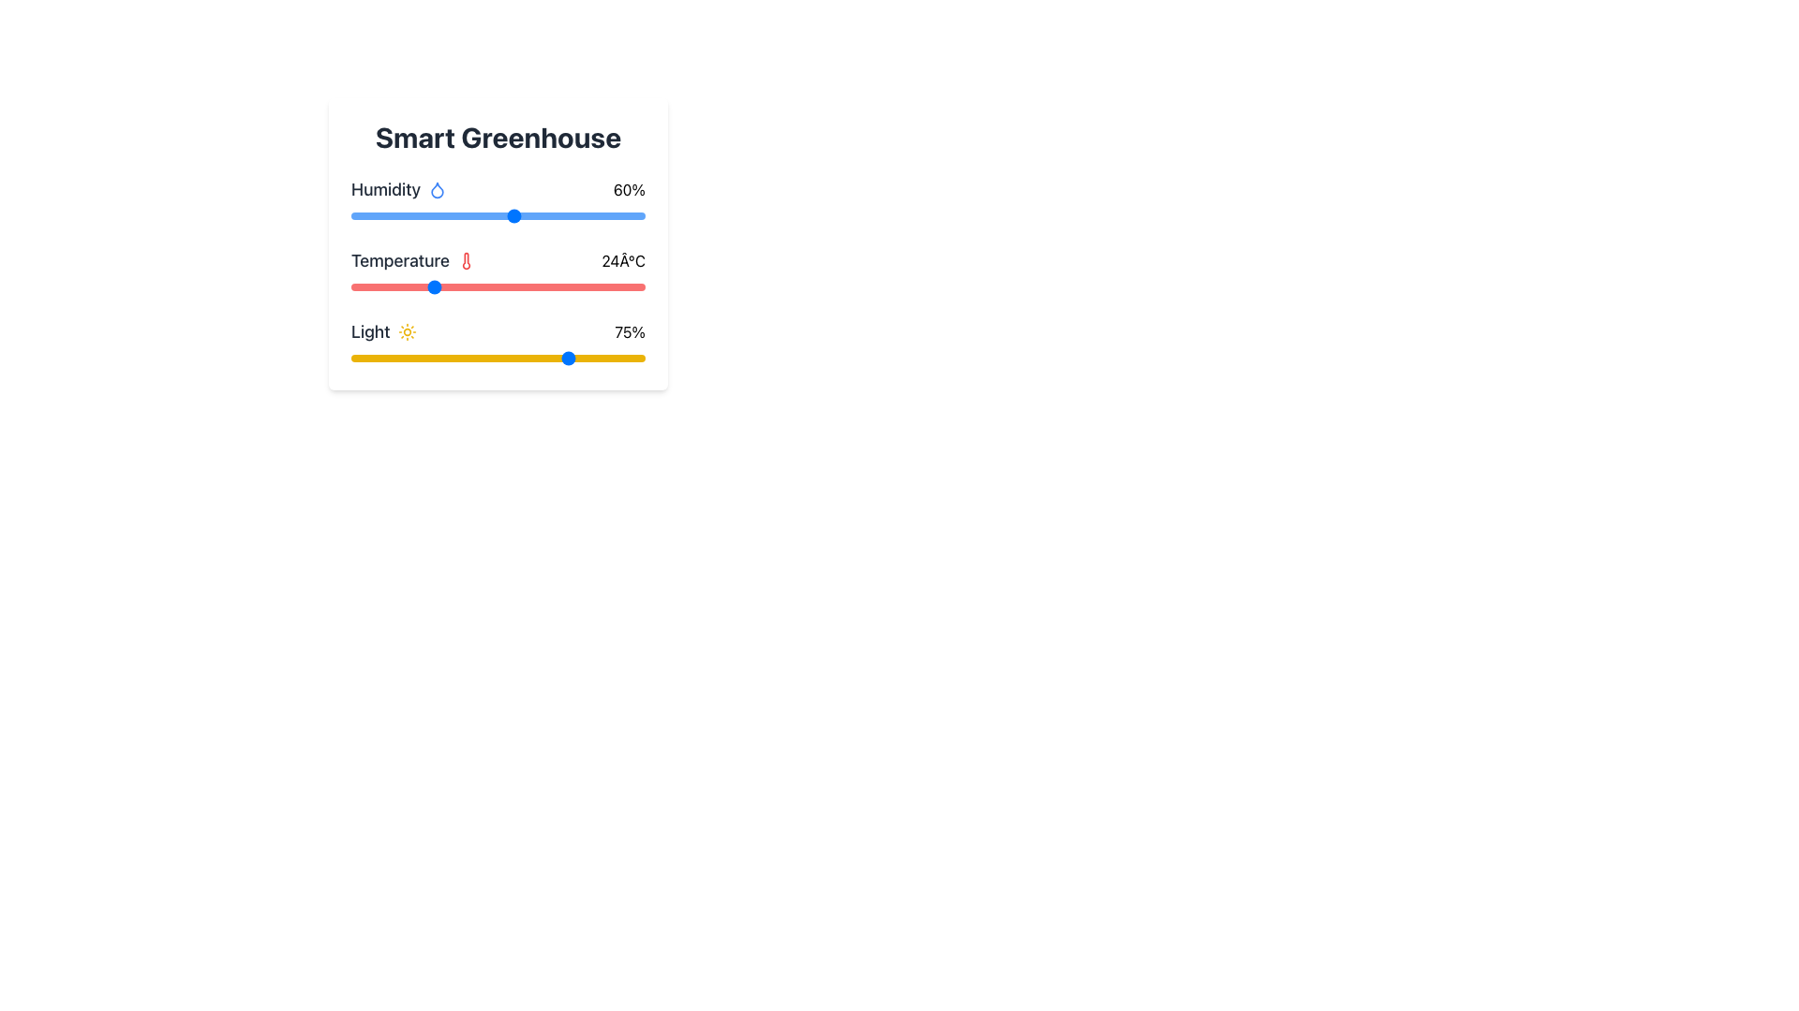  What do you see at coordinates (498, 136) in the screenshot?
I see `the title text element located at the top of the card with a gradient background and rounded borders` at bounding box center [498, 136].